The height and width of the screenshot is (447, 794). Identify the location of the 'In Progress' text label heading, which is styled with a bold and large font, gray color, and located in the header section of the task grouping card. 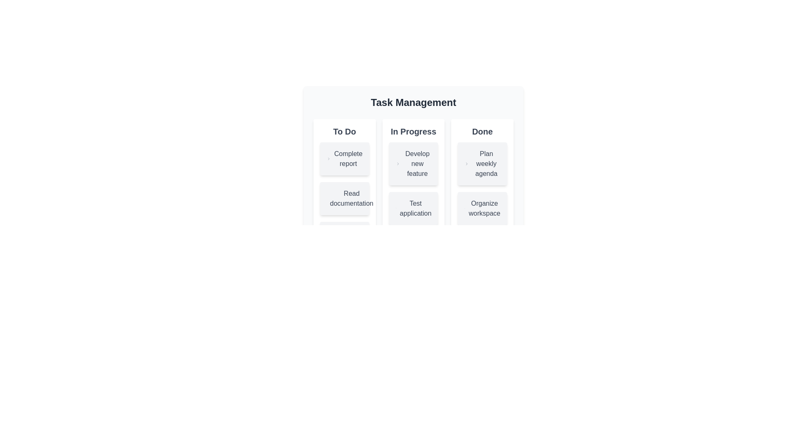
(413, 131).